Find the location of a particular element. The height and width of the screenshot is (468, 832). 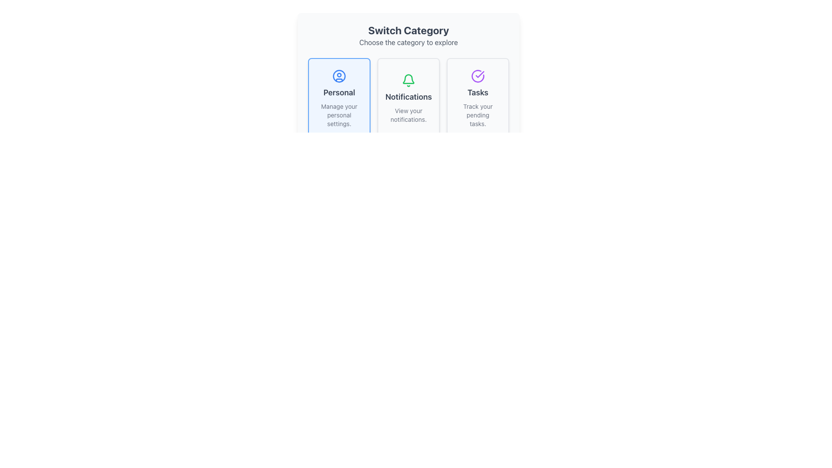

the 'Tasks' category descriptor text label located beneath the purple circular checkmark icon and heading 'Tasks' in the card layout is located at coordinates (478, 115).